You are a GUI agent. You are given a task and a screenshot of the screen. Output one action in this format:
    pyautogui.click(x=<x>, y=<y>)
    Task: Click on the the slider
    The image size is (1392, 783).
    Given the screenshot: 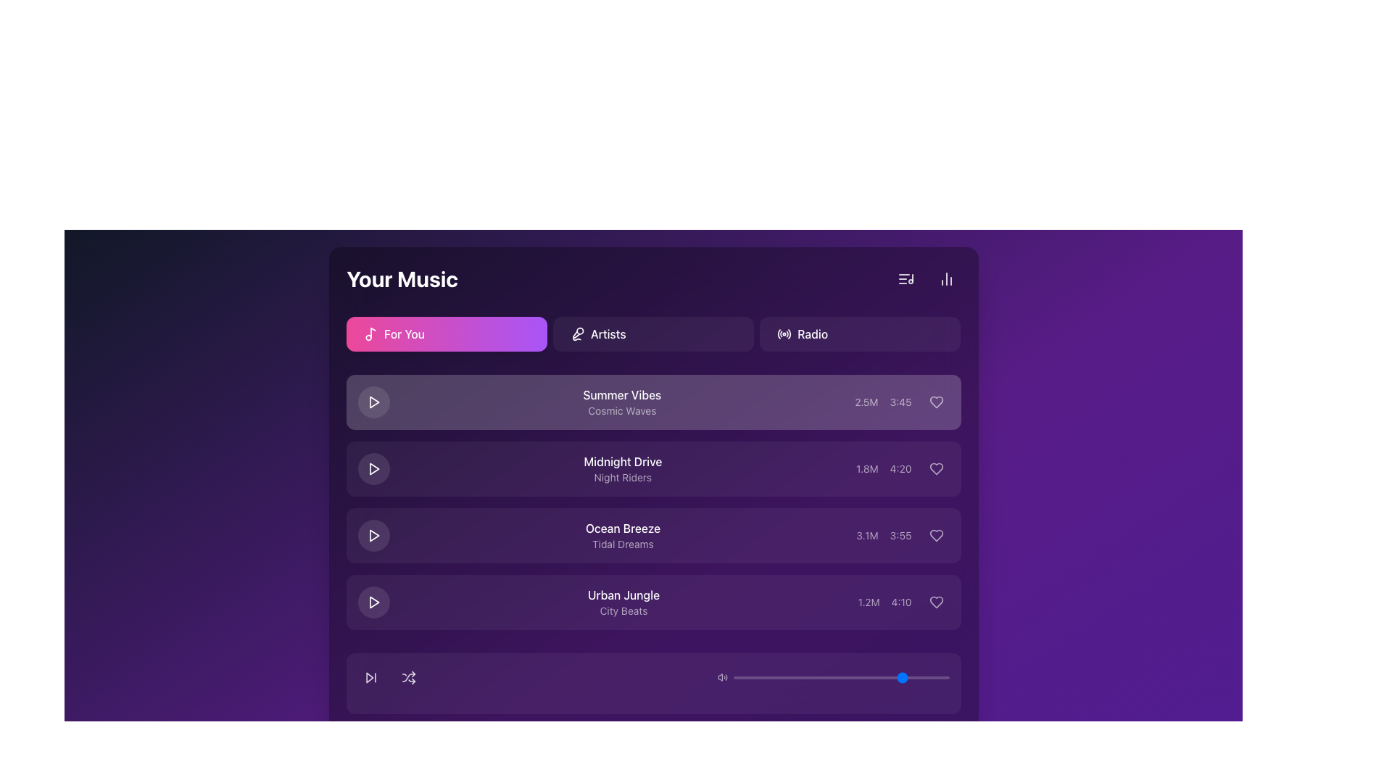 What is the action you would take?
    pyautogui.click(x=852, y=677)
    